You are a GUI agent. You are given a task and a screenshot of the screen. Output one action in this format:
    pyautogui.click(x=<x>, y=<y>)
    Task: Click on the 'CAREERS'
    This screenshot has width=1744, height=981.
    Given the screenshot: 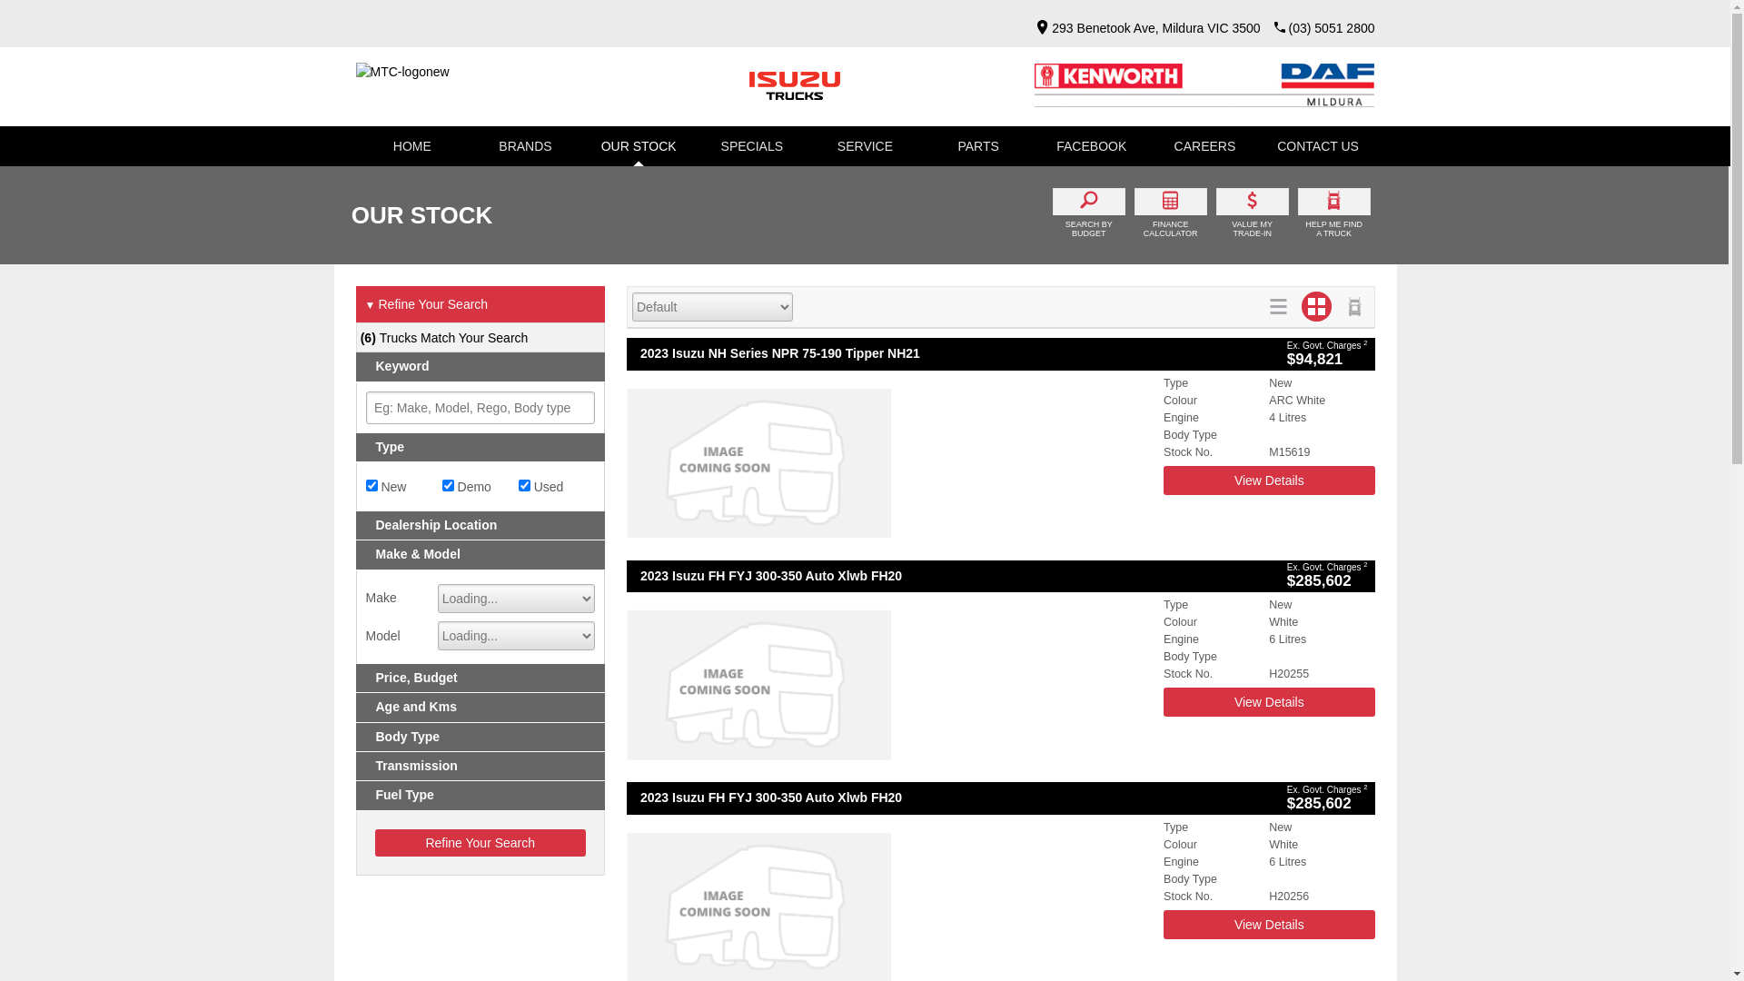 What is the action you would take?
    pyautogui.click(x=1204, y=145)
    